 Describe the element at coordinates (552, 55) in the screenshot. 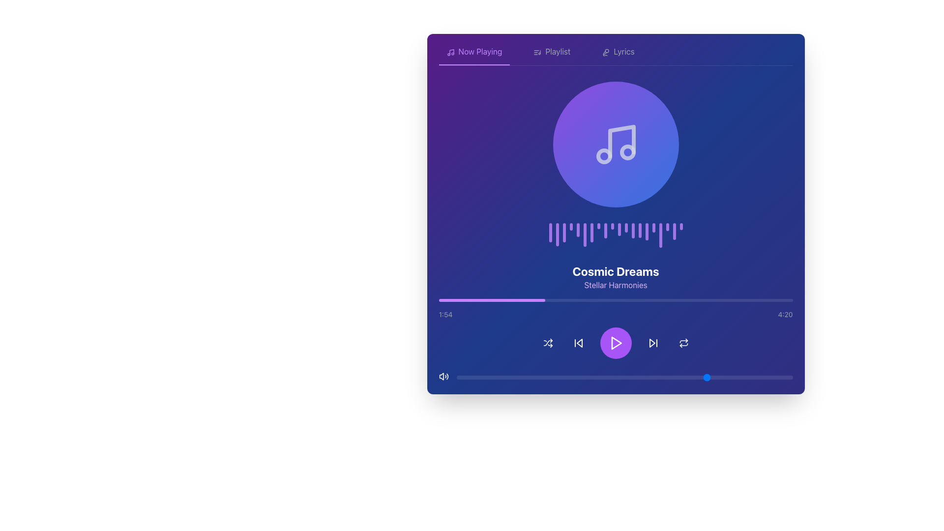

I see `the 'Playlist' button, which is a clickable text with a small playlist icon, located between 'Now Playing' and 'Lyrics' in the upper menu interface` at that location.